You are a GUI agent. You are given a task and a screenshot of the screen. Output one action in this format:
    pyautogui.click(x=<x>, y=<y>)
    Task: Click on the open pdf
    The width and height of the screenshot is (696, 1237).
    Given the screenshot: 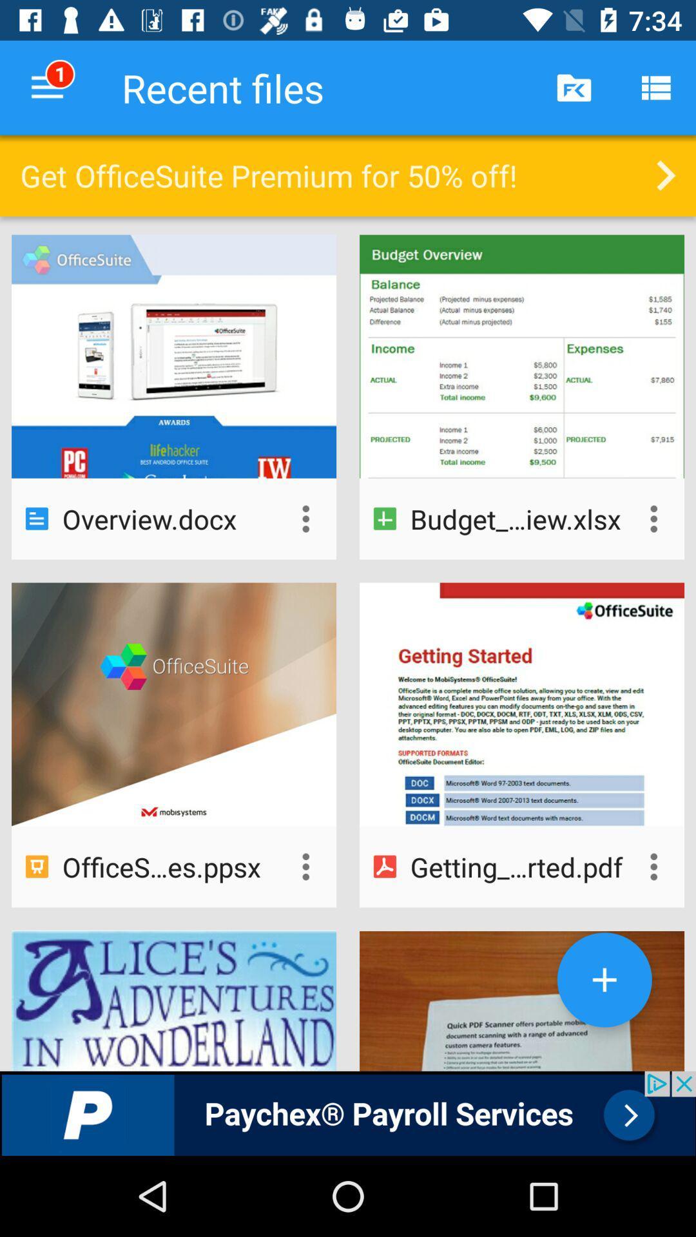 What is the action you would take?
    pyautogui.click(x=653, y=867)
    